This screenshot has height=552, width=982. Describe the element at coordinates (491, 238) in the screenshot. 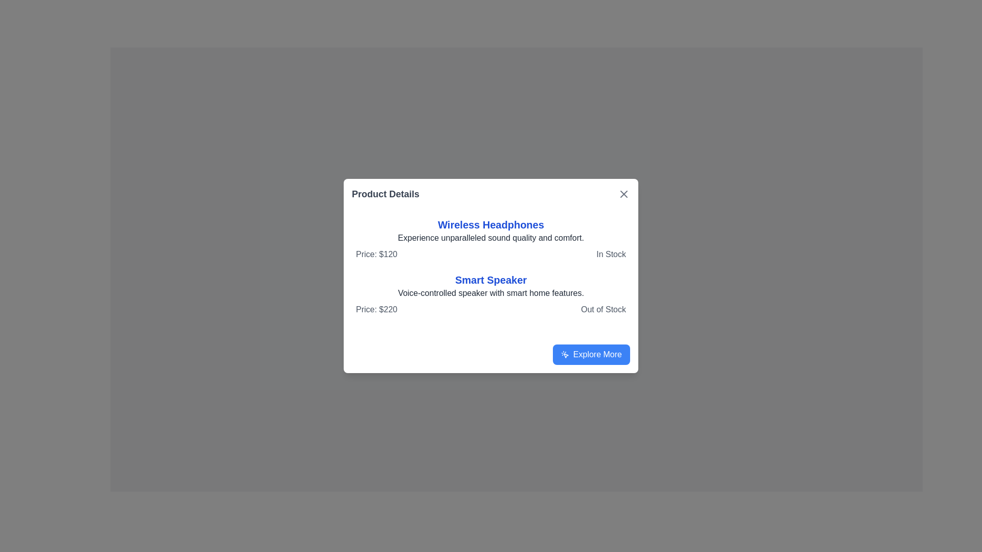

I see `the static text element that provides a description or tagline for 'Wireless Headphones', located below the heading and above the price and stock status` at that location.